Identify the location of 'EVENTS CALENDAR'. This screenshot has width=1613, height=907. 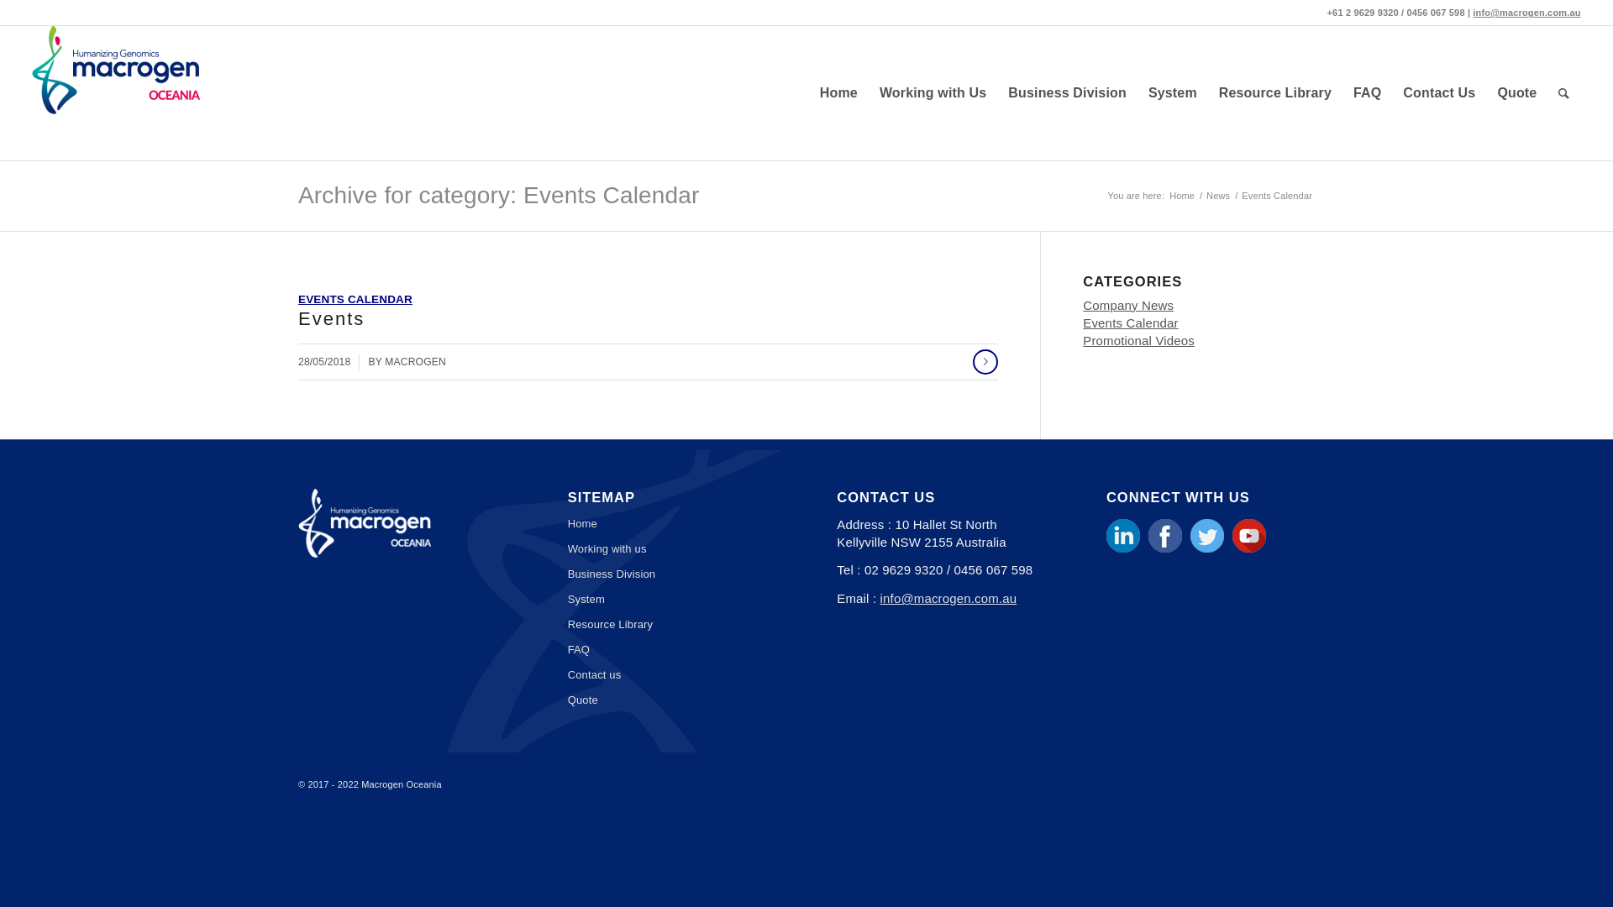
(354, 298).